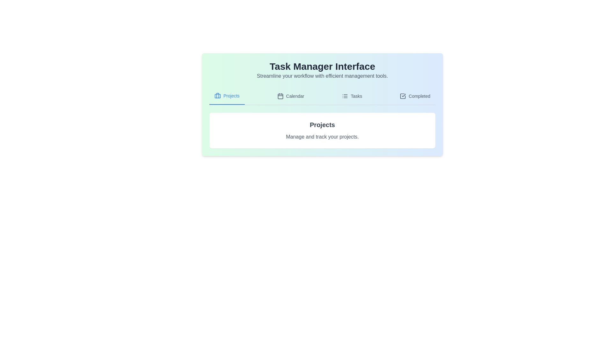 This screenshot has height=344, width=612. Describe the element at coordinates (227, 96) in the screenshot. I see `the tab labeled 'Projects' to observe the visual cue` at that location.